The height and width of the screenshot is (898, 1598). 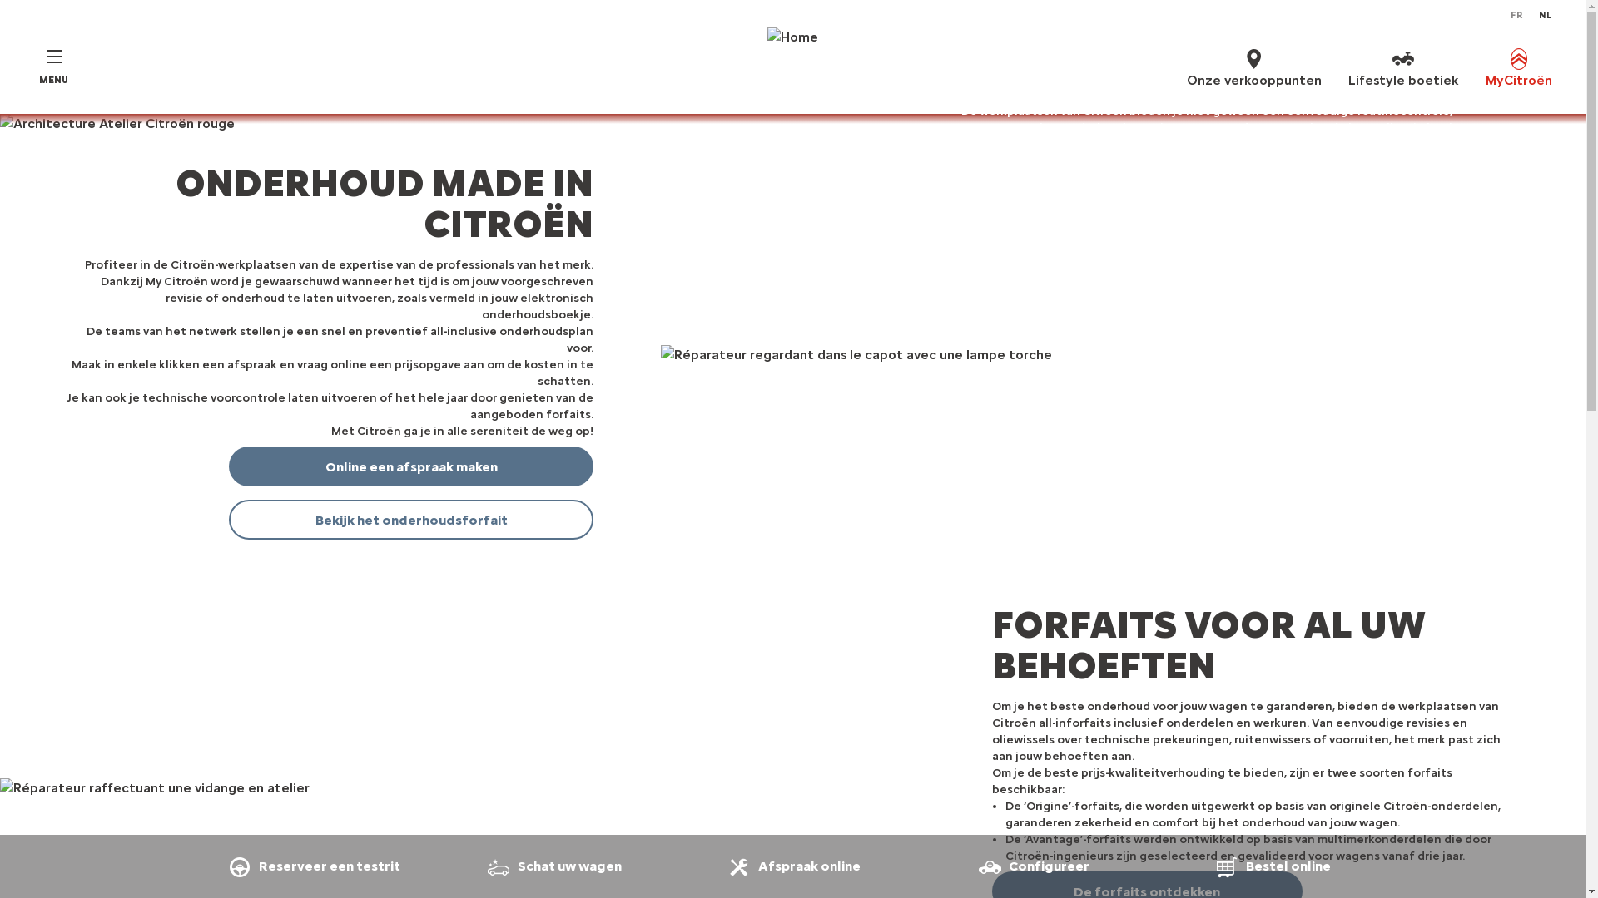 I want to click on 'Afspraak online', so click(x=792, y=865).